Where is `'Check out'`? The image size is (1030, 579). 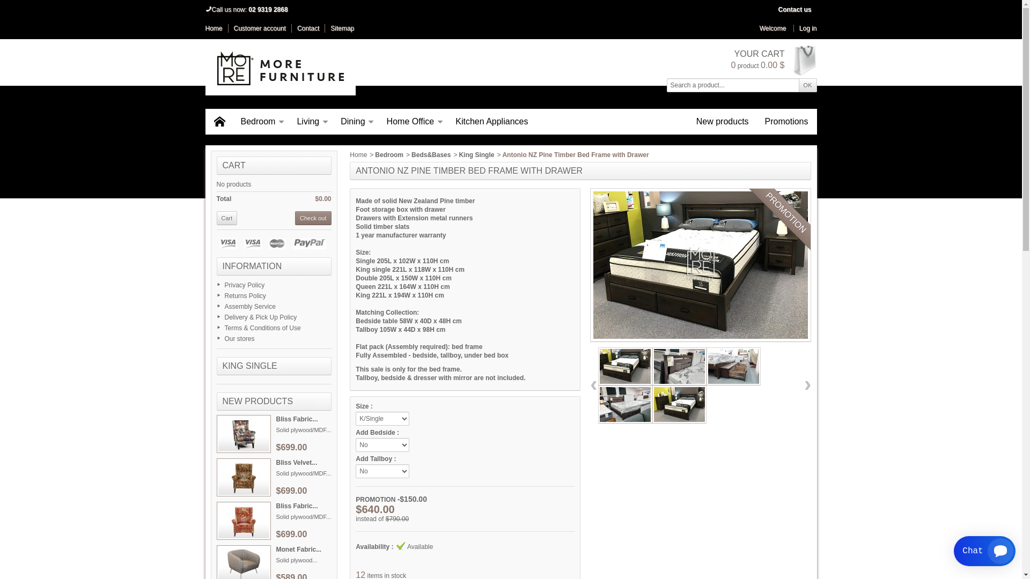
'Check out' is located at coordinates (295, 218).